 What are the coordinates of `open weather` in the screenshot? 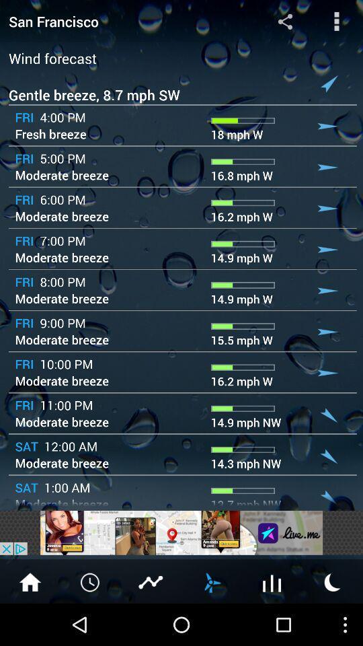 It's located at (272, 581).